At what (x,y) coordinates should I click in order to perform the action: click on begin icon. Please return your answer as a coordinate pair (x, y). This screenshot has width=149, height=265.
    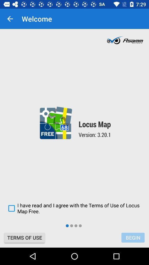
    Looking at the image, I should click on (133, 237).